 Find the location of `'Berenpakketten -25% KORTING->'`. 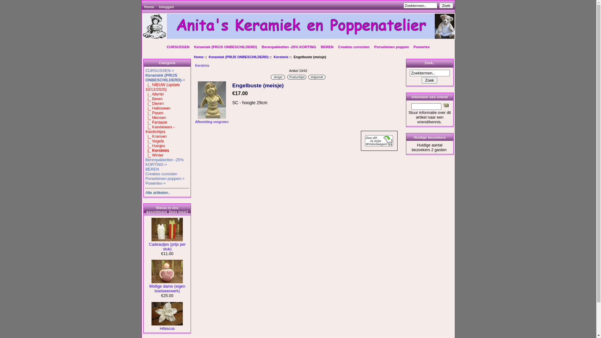

'Berenpakketten -25% KORTING->' is located at coordinates (145, 161).